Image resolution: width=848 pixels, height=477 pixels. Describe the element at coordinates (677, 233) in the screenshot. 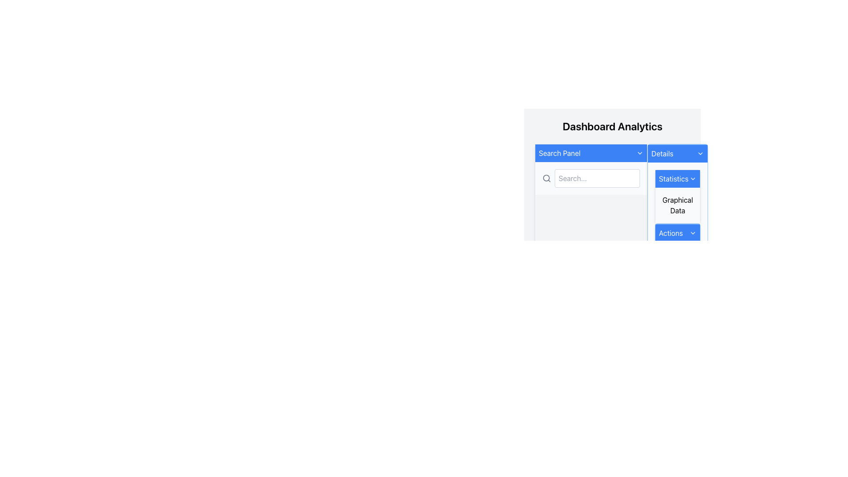

I see `the button labeled 'Actions' located at the last entry` at that location.